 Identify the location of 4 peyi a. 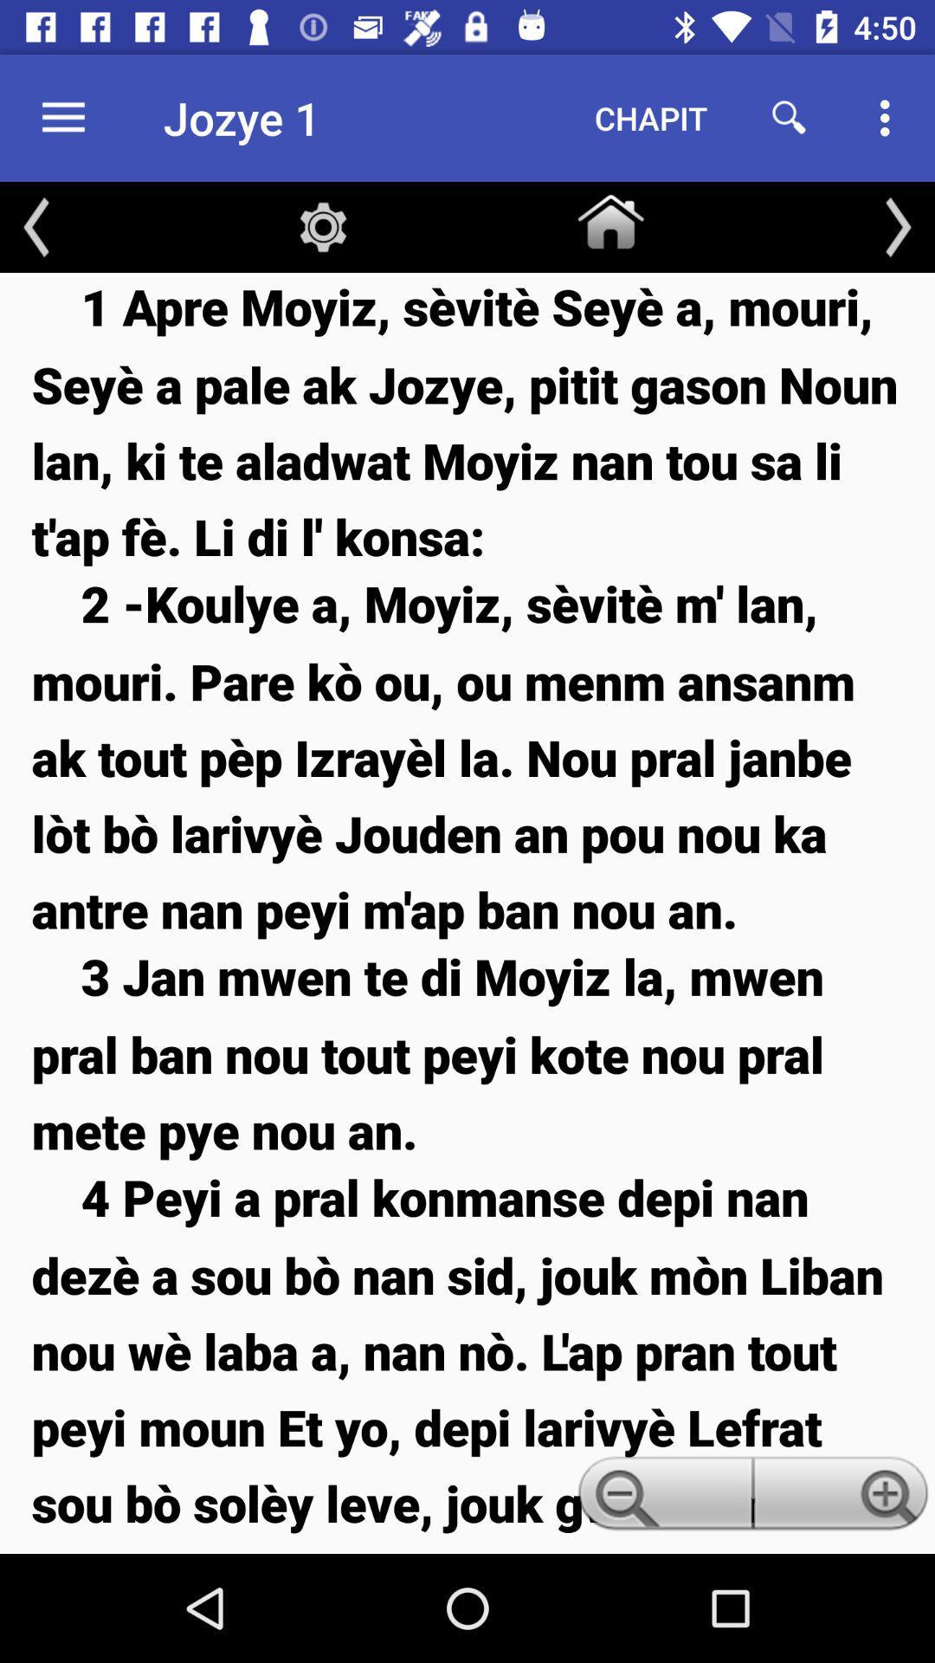
(467, 1357).